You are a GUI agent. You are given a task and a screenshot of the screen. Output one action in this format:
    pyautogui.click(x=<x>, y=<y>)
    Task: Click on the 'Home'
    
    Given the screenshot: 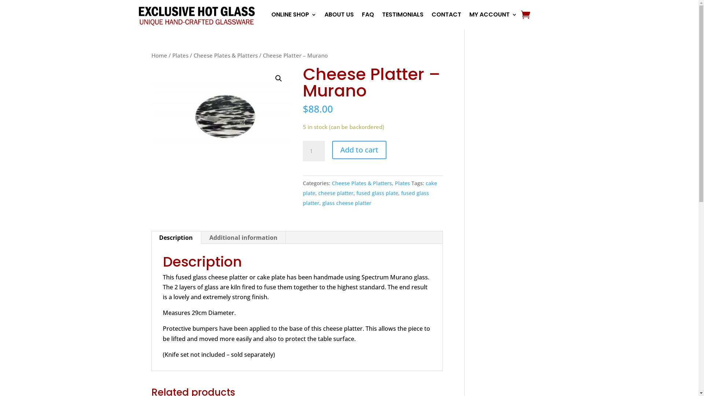 What is the action you would take?
    pyautogui.click(x=158, y=55)
    